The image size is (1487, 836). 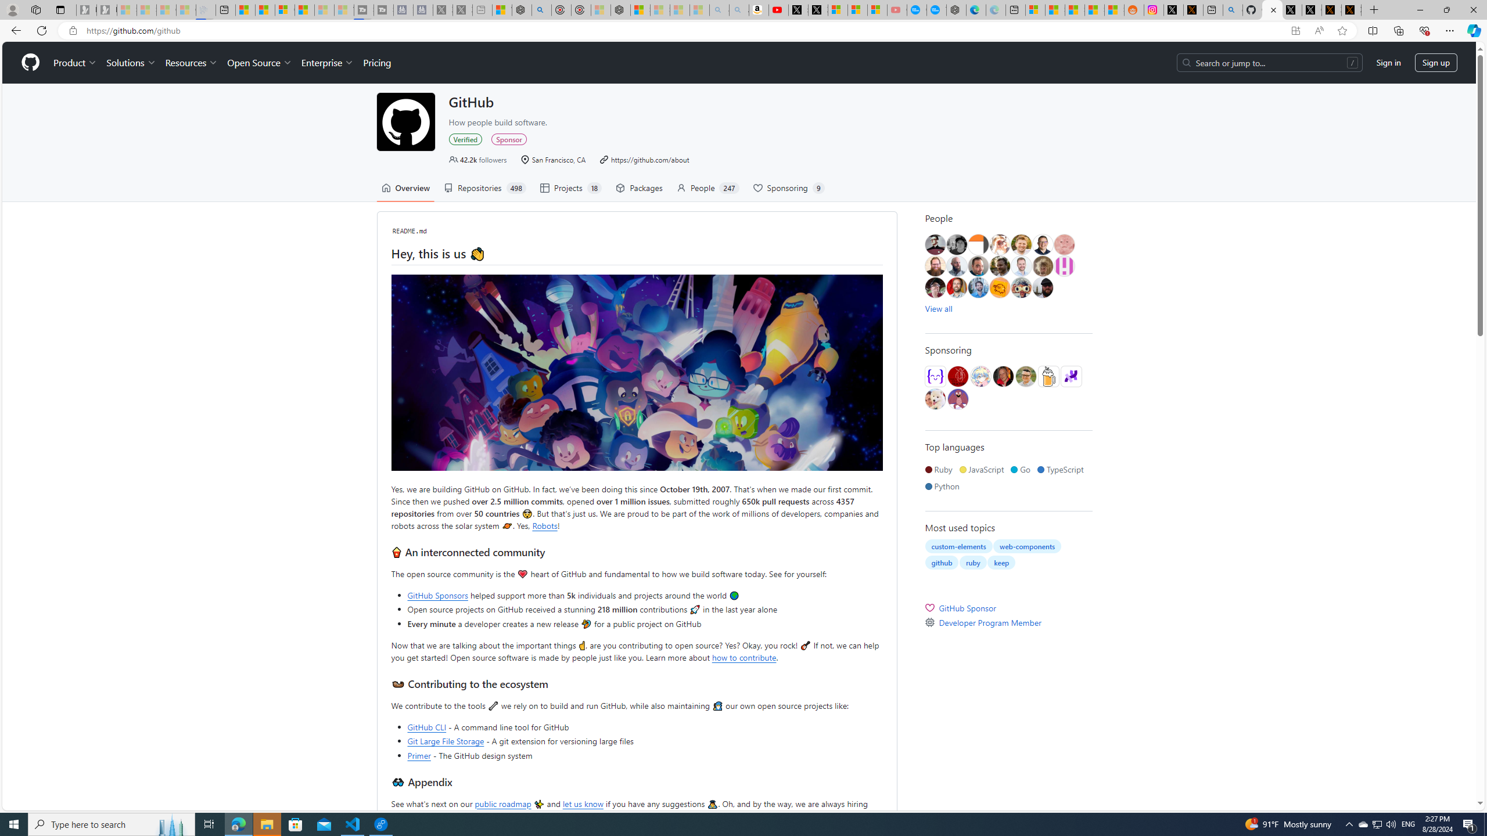 I want to click on 'GitHub (@github) / X', so click(x=1311, y=9).